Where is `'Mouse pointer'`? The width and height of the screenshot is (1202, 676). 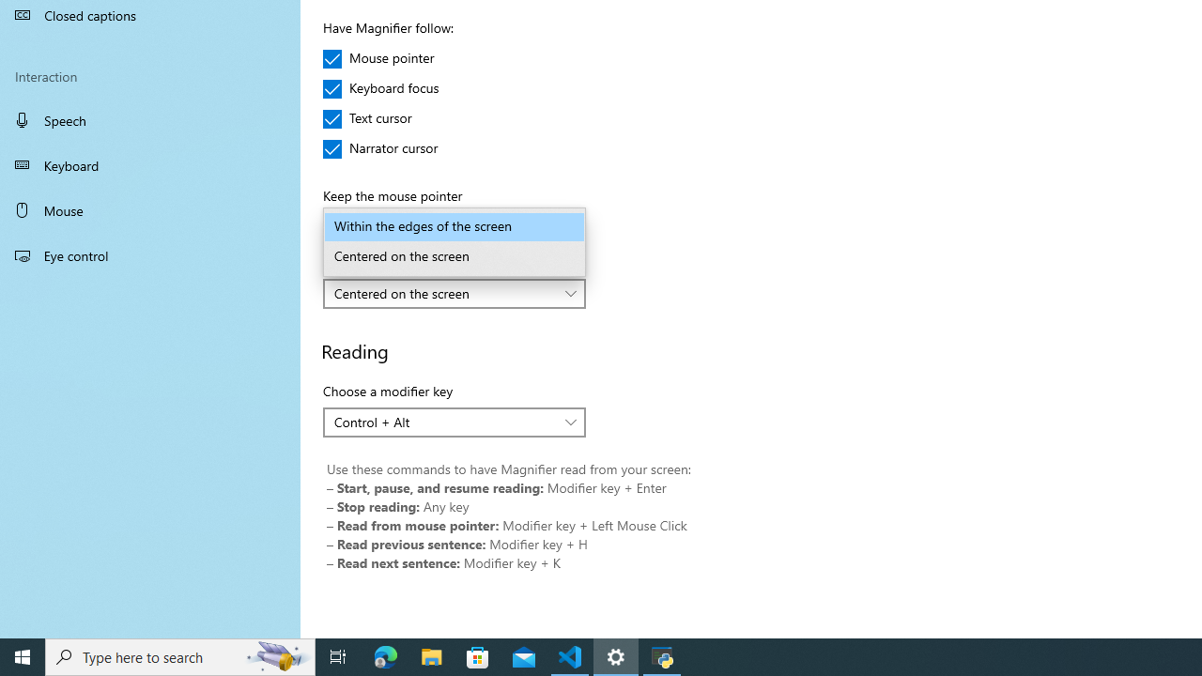
'Mouse pointer' is located at coordinates (378, 57).